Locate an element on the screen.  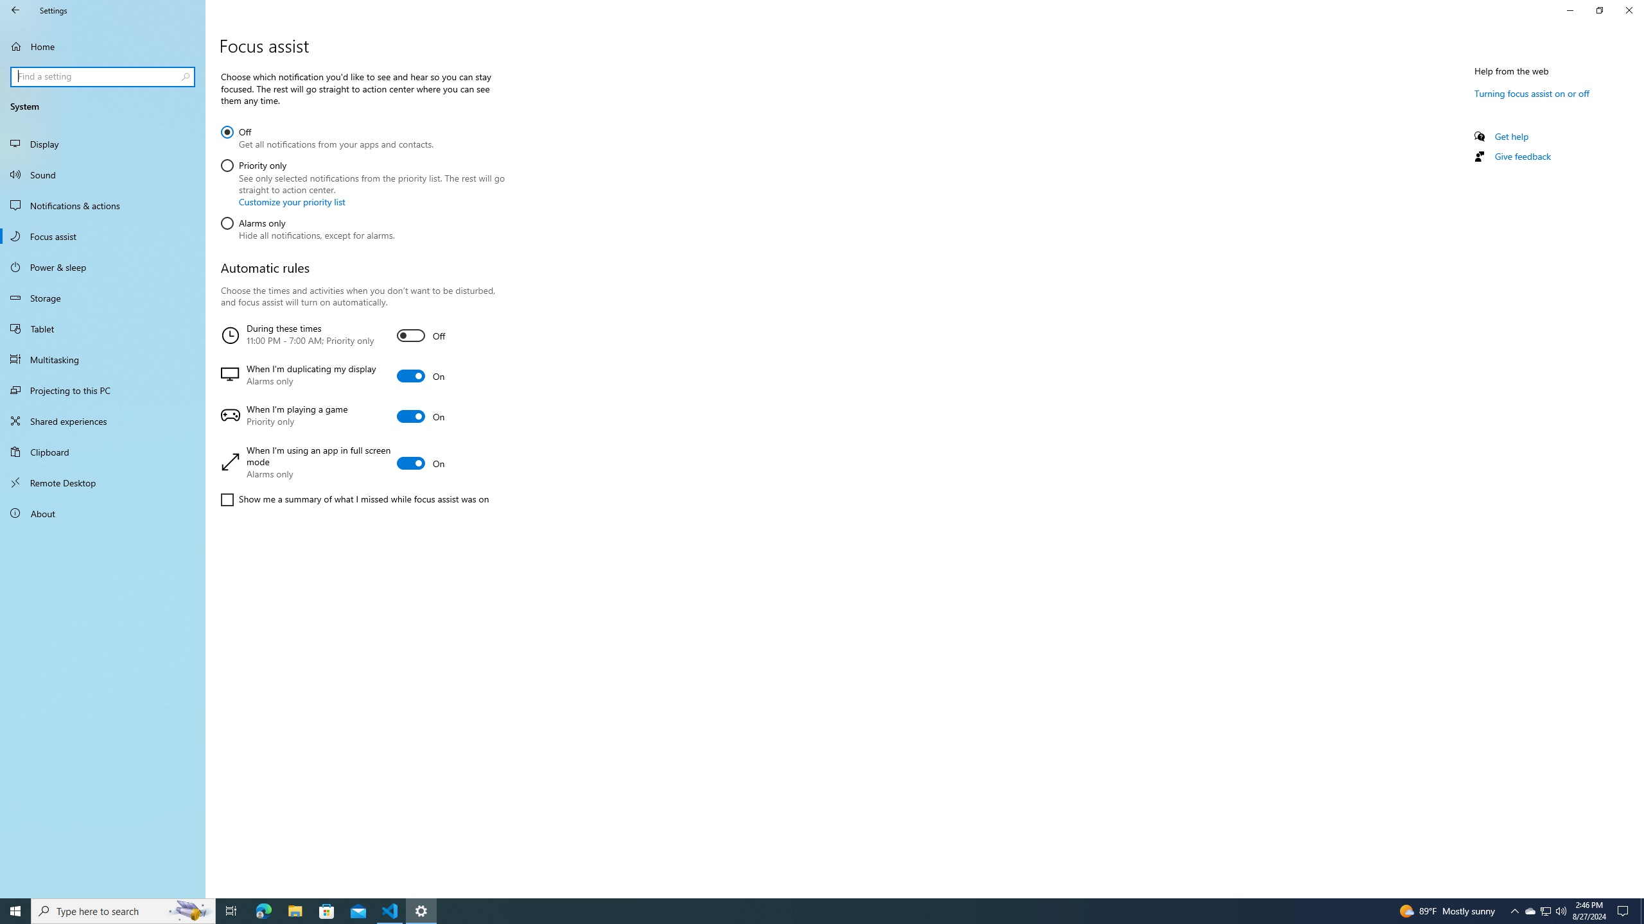
'Clipboard' is located at coordinates (102, 452).